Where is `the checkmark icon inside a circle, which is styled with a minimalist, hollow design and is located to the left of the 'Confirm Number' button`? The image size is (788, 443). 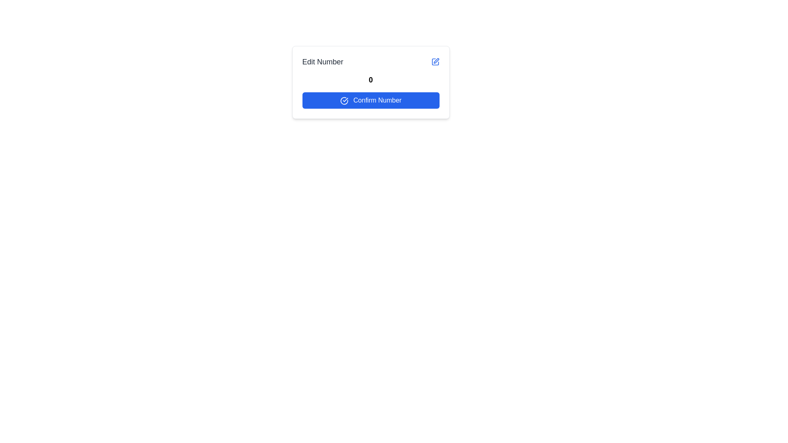
the checkmark icon inside a circle, which is styled with a minimalist, hollow design and is located to the left of the 'Confirm Number' button is located at coordinates (344, 100).